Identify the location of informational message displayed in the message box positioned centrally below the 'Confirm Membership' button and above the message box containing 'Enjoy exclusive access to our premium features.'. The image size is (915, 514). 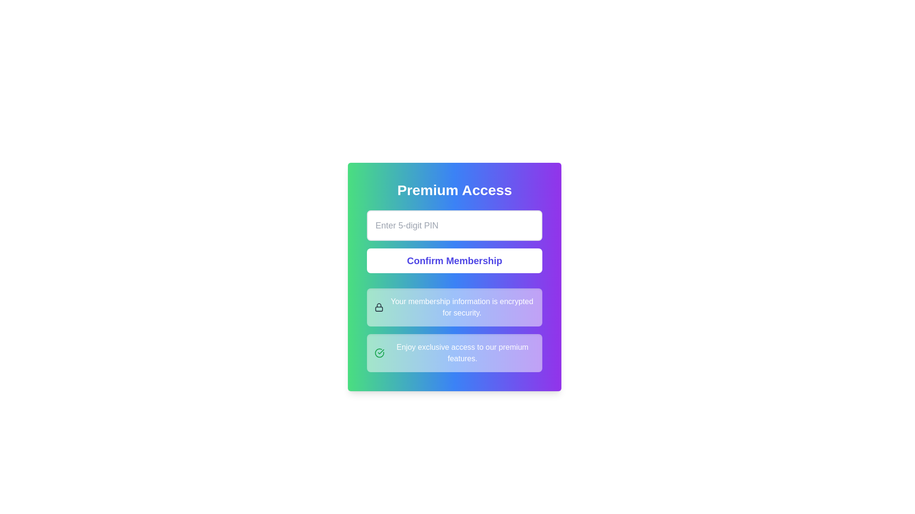
(454, 307).